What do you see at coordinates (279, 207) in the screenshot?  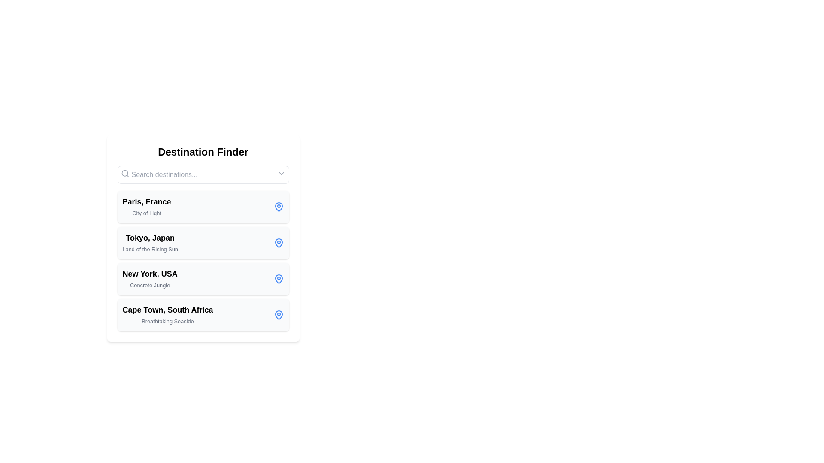 I see `the blue-colored map pin icon with a central circular cut-out, located to the right of the 'Paris, France' label in the Destination Finder card layout` at bounding box center [279, 207].